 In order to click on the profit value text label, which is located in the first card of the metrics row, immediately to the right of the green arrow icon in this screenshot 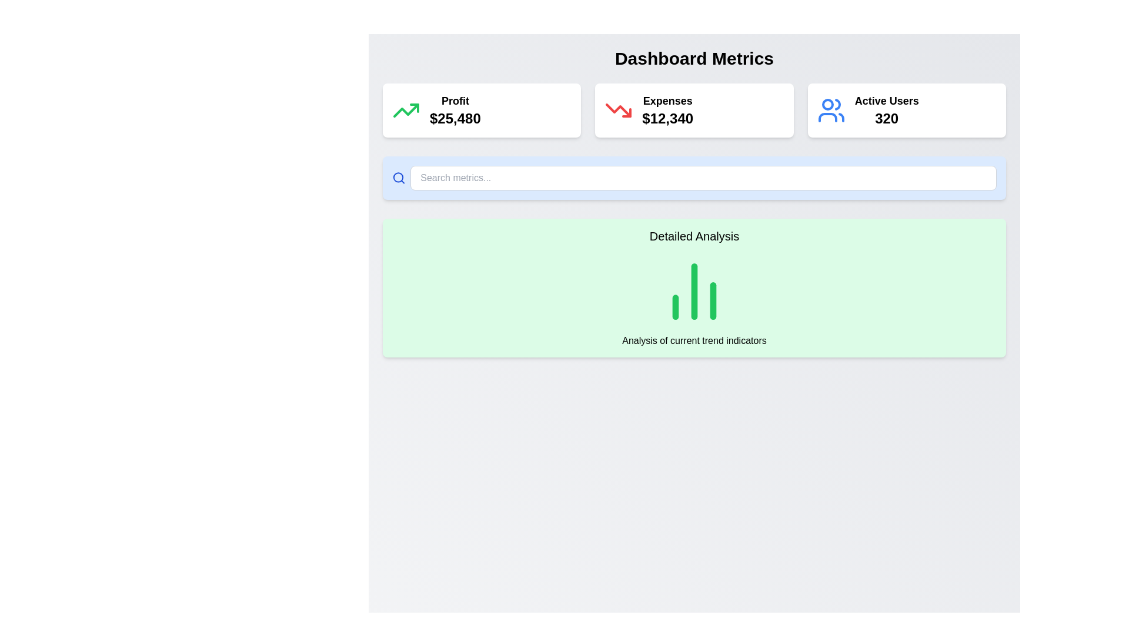, I will do `click(455, 111)`.